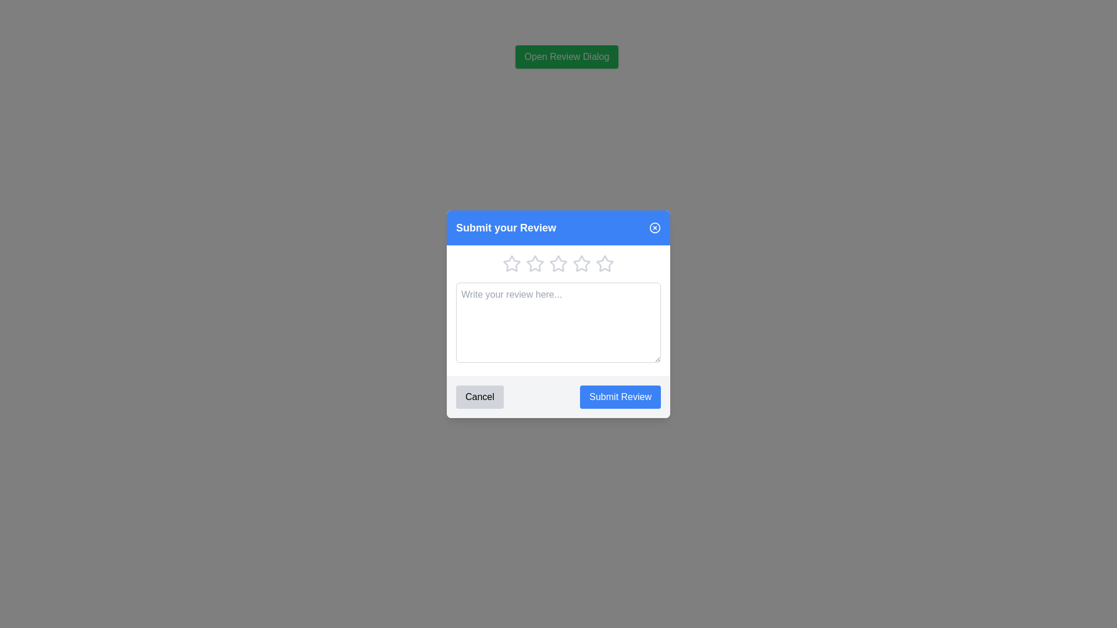  What do you see at coordinates (479, 396) in the screenshot?
I see `the 'Cancel' button located in the footer section of the 'Submit your Review' dialog box, which is on the left side of the 'Submit Review' button` at bounding box center [479, 396].